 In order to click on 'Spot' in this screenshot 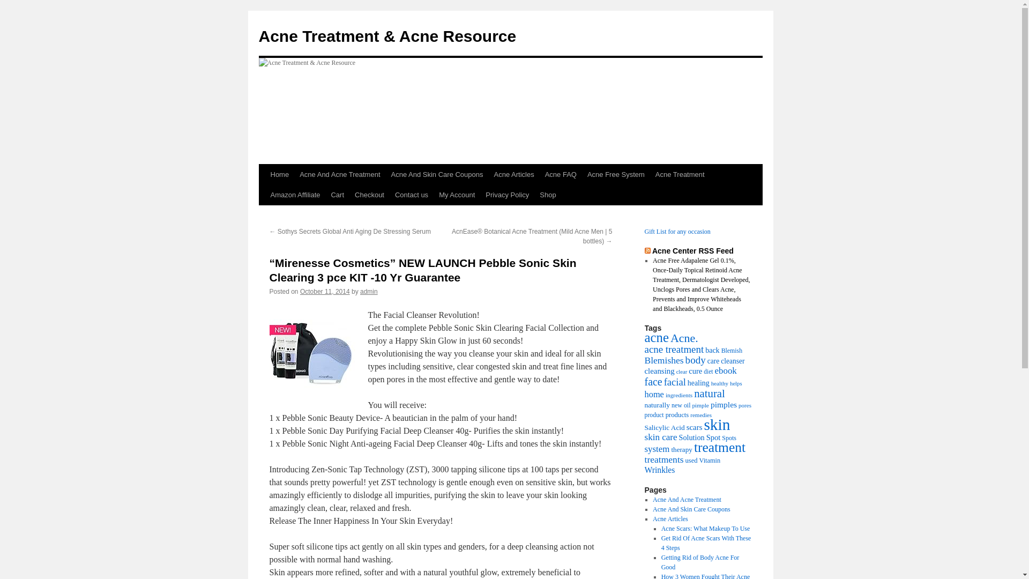, I will do `click(713, 437)`.